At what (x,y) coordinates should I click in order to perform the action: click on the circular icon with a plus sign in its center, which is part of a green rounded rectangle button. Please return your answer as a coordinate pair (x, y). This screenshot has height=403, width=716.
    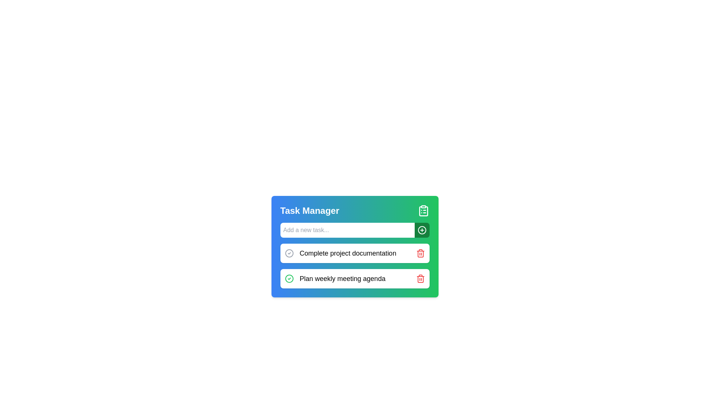
    Looking at the image, I should click on (422, 230).